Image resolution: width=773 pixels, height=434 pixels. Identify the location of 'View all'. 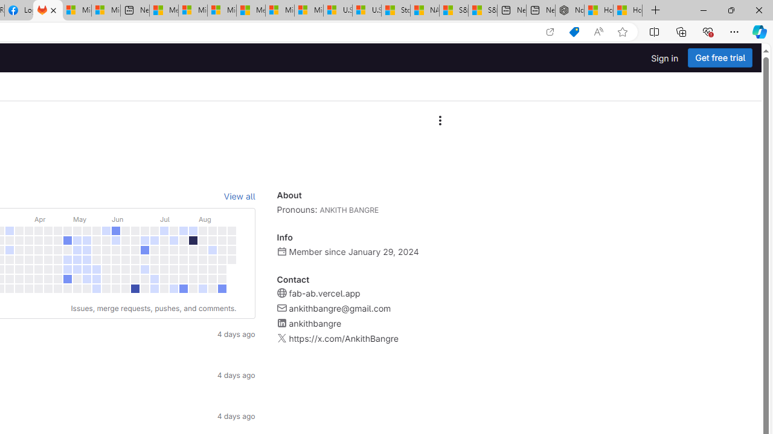
(239, 195).